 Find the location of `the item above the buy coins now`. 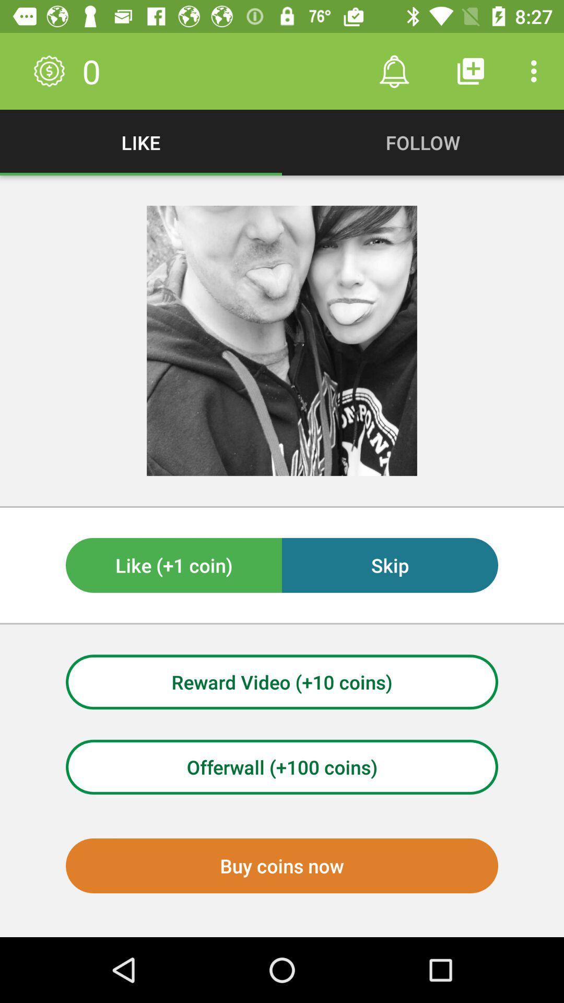

the item above the buy coins now is located at coordinates (282, 767).